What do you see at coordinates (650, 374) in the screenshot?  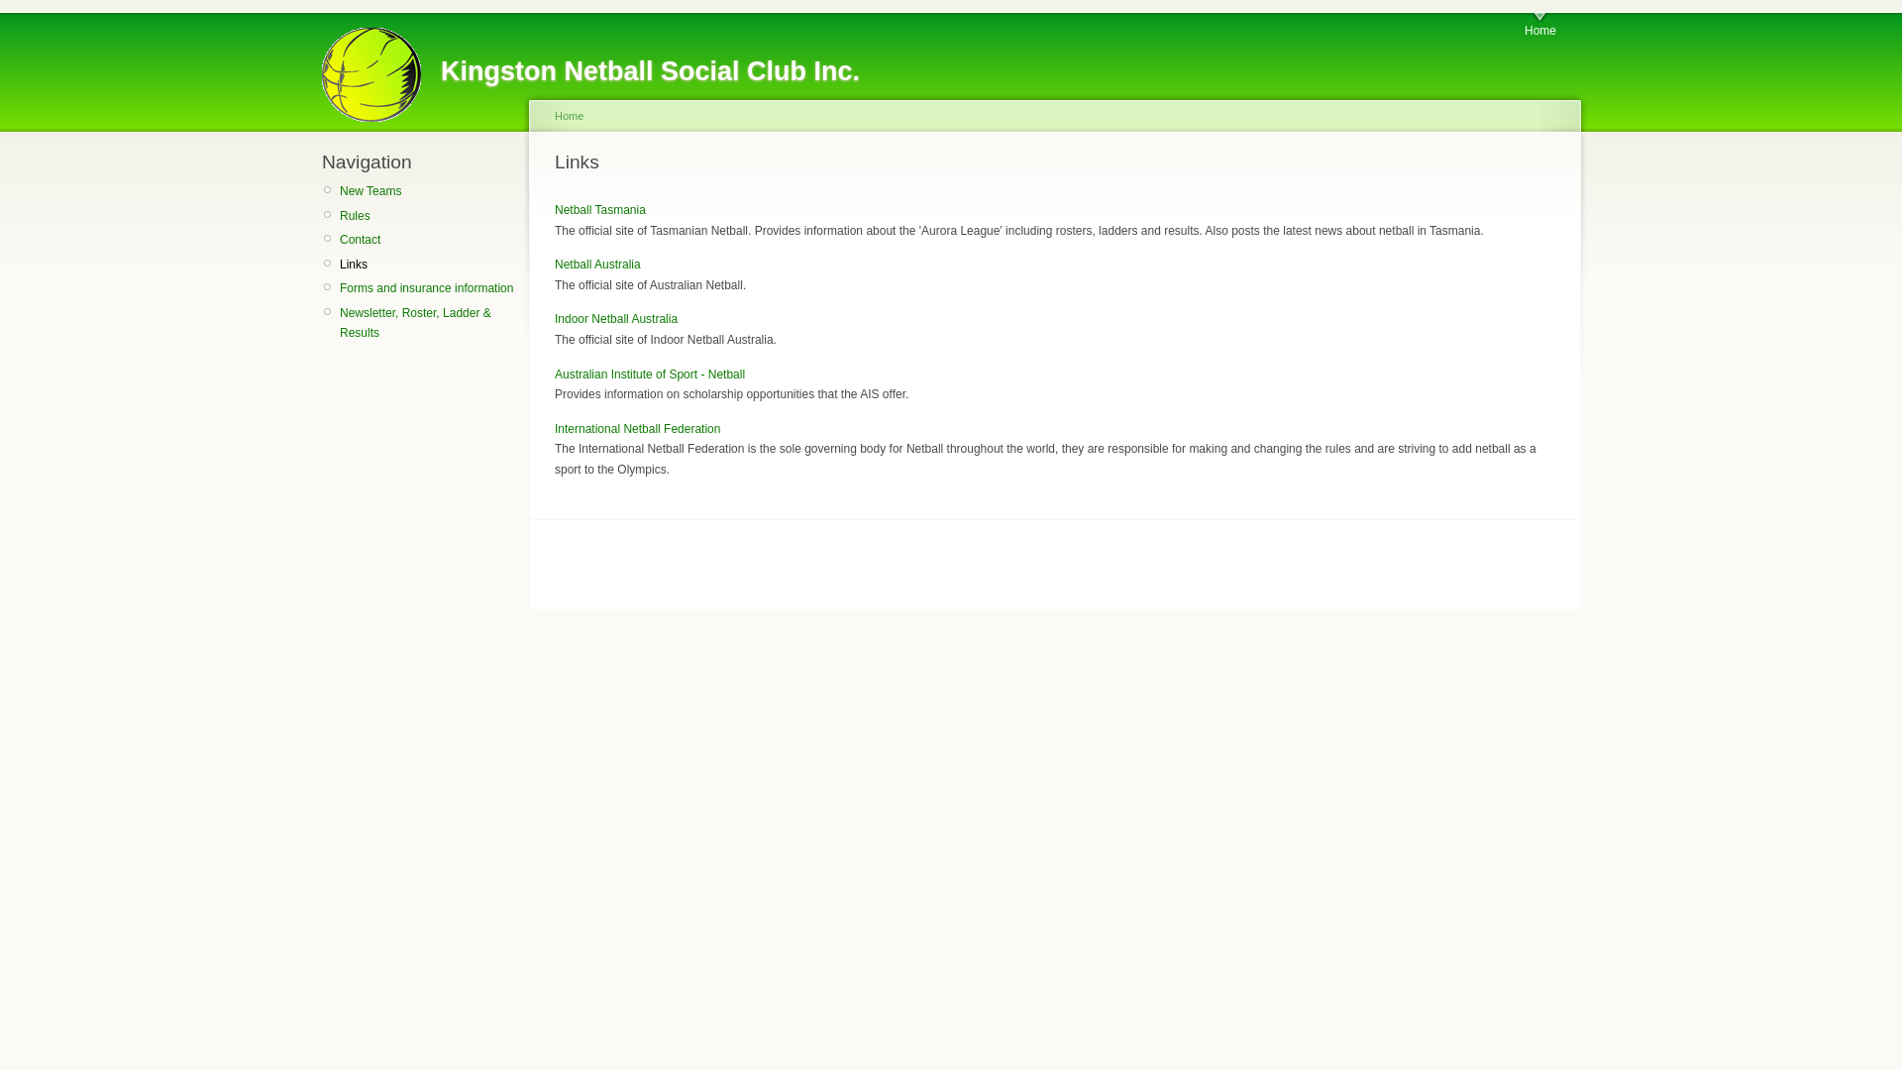 I see `'Australian Institute of Sport - Netball'` at bounding box center [650, 374].